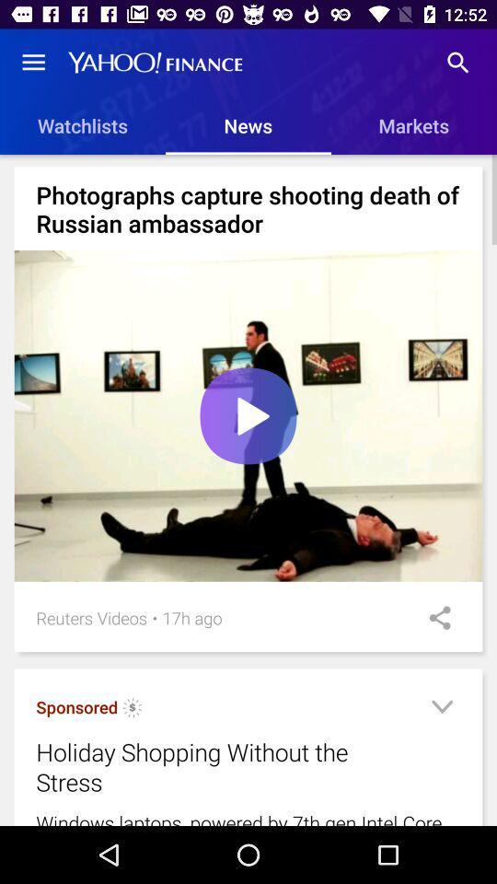 This screenshot has height=884, width=497. Describe the element at coordinates (441, 709) in the screenshot. I see `opens drop menu` at that location.